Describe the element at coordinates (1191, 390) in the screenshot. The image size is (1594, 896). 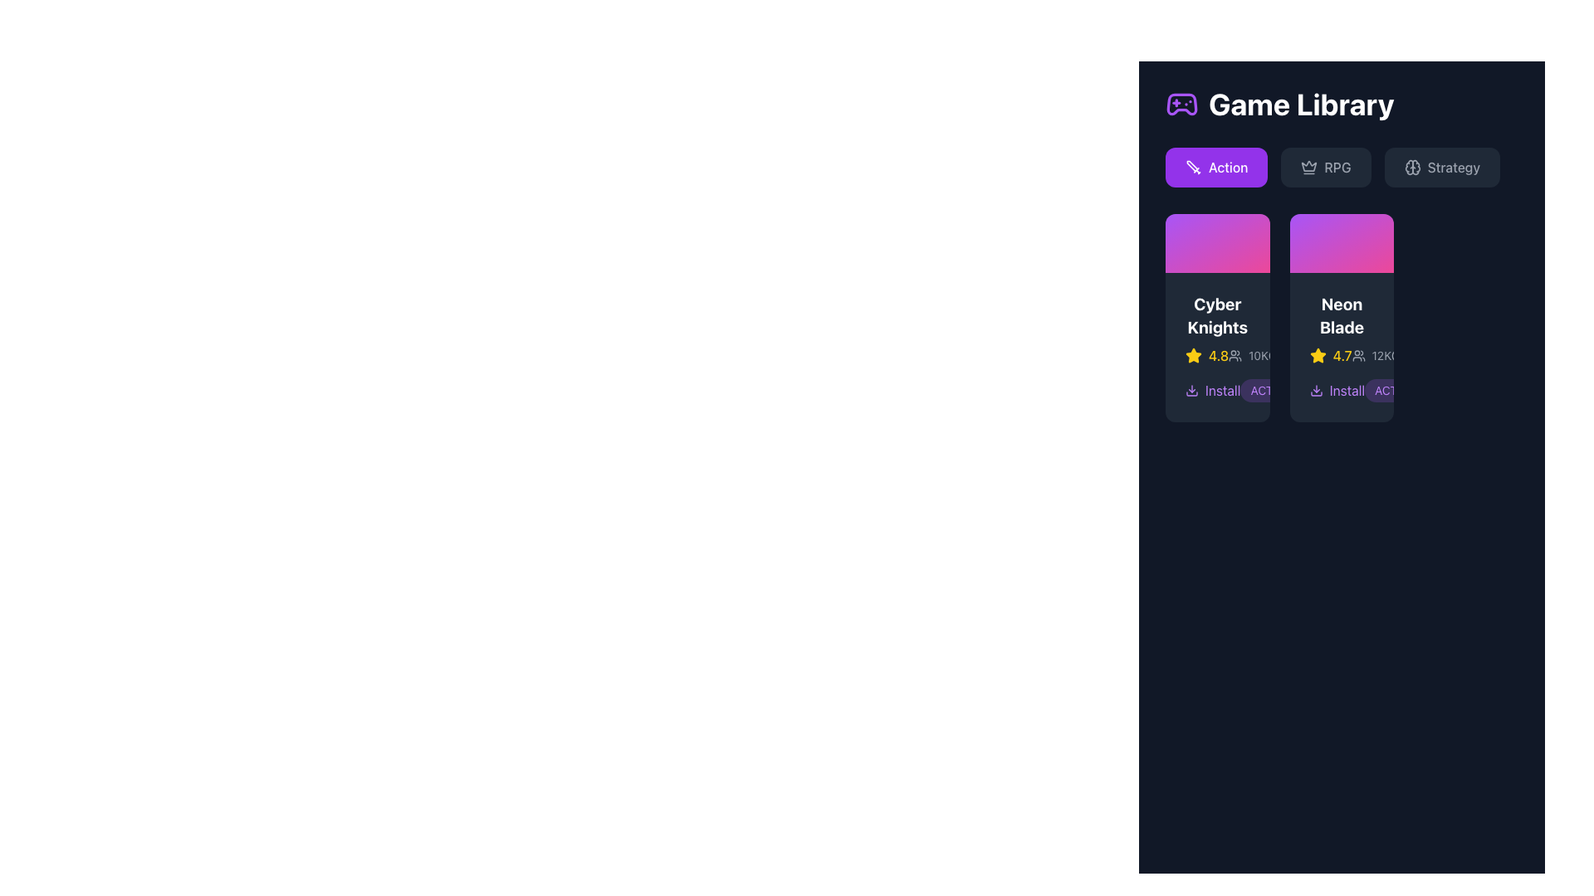
I see `the purple downward arrow icon located to the left of the 'Install' text within the 'Neon Blade' card` at that location.